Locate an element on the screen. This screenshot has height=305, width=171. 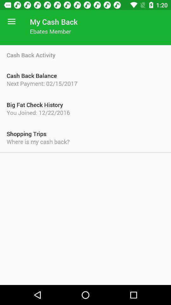
next payment 02 item is located at coordinates (85, 83).